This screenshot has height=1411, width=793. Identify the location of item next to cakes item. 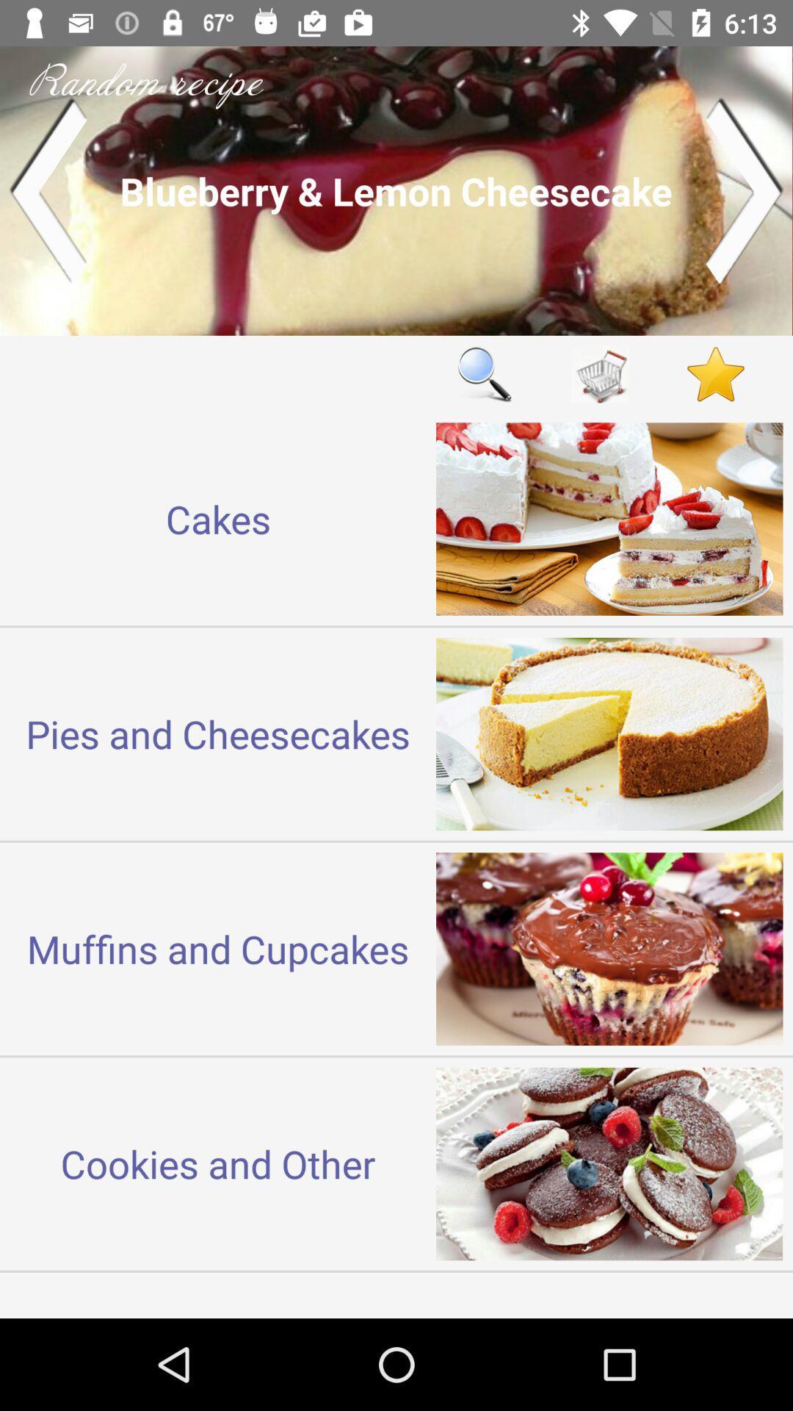
(484, 374).